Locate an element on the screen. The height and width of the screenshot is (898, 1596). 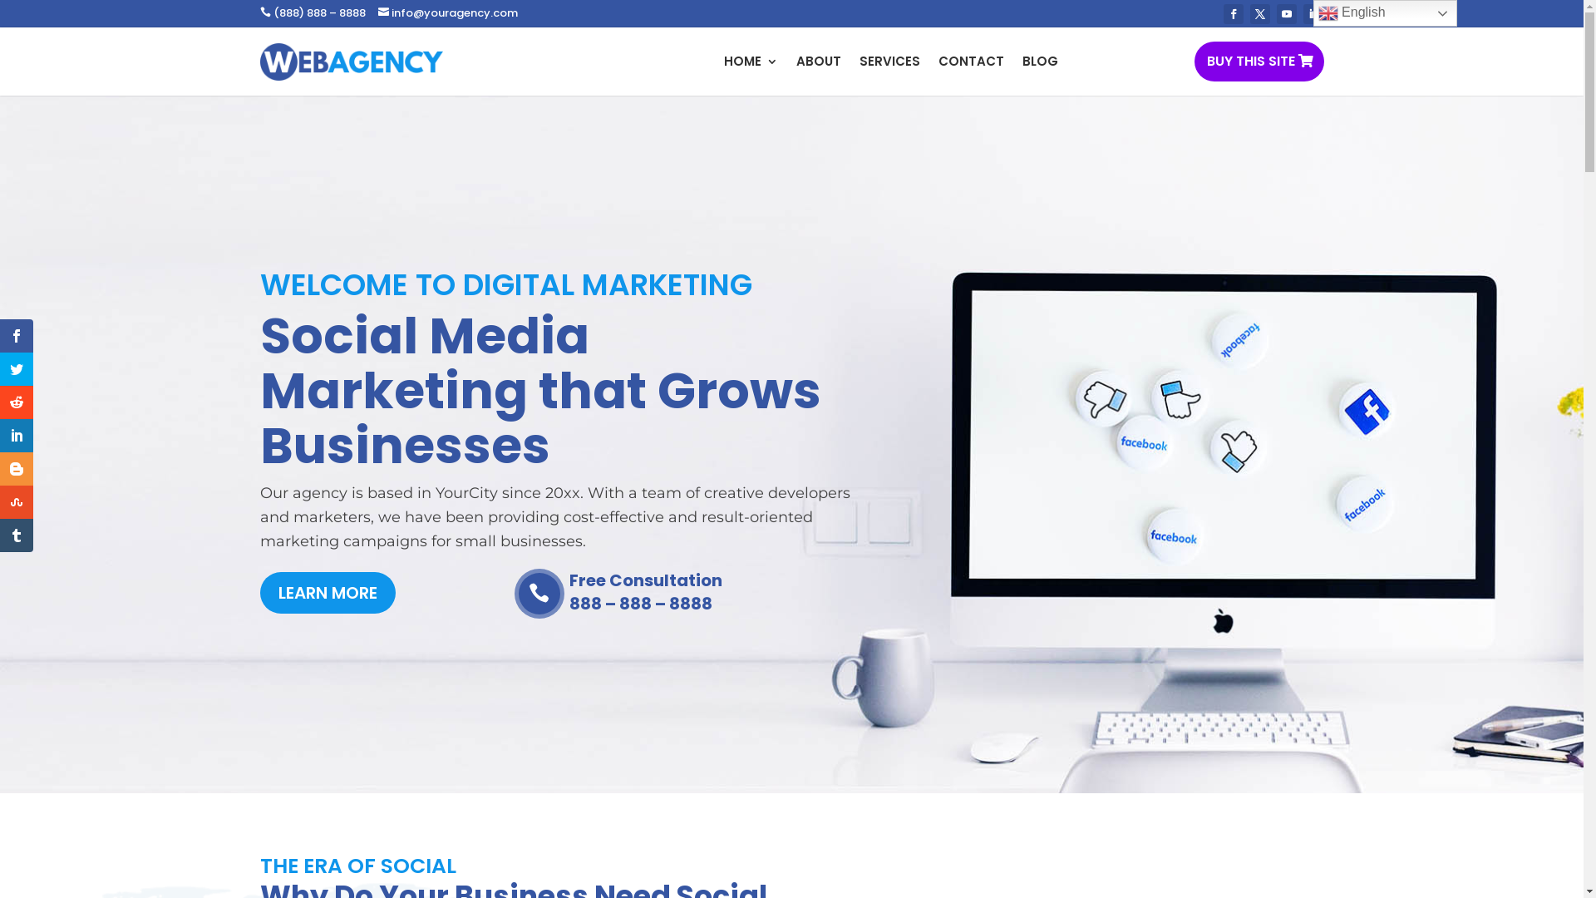
'BLOG' is located at coordinates (1039, 60).